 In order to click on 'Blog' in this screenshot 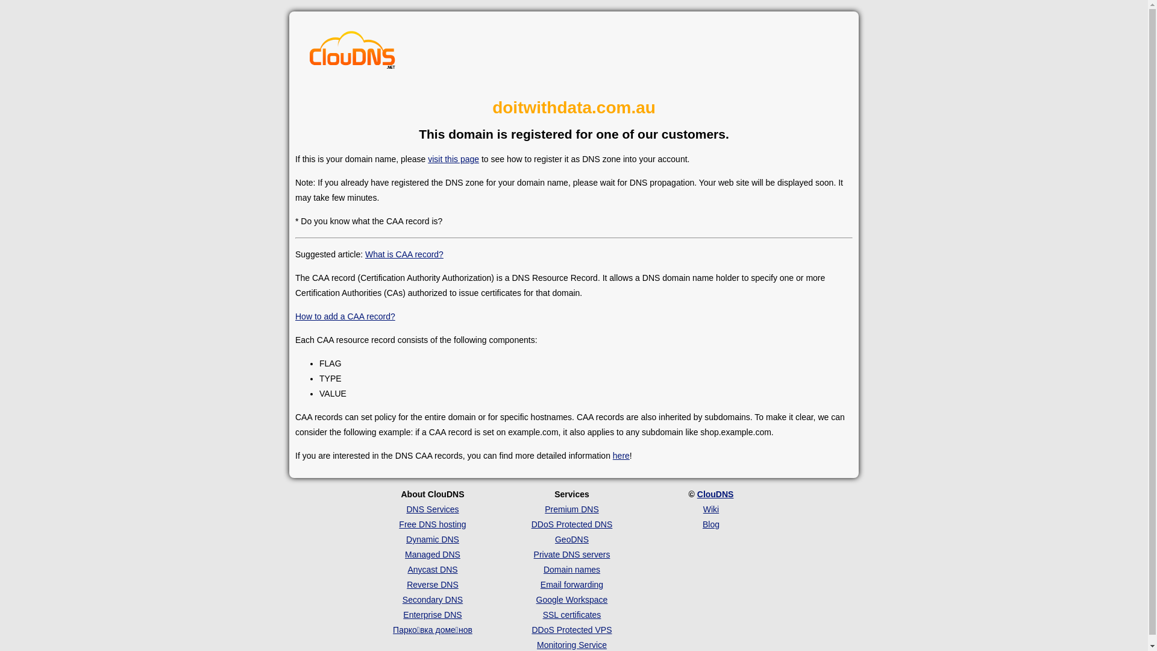, I will do `click(711, 524)`.